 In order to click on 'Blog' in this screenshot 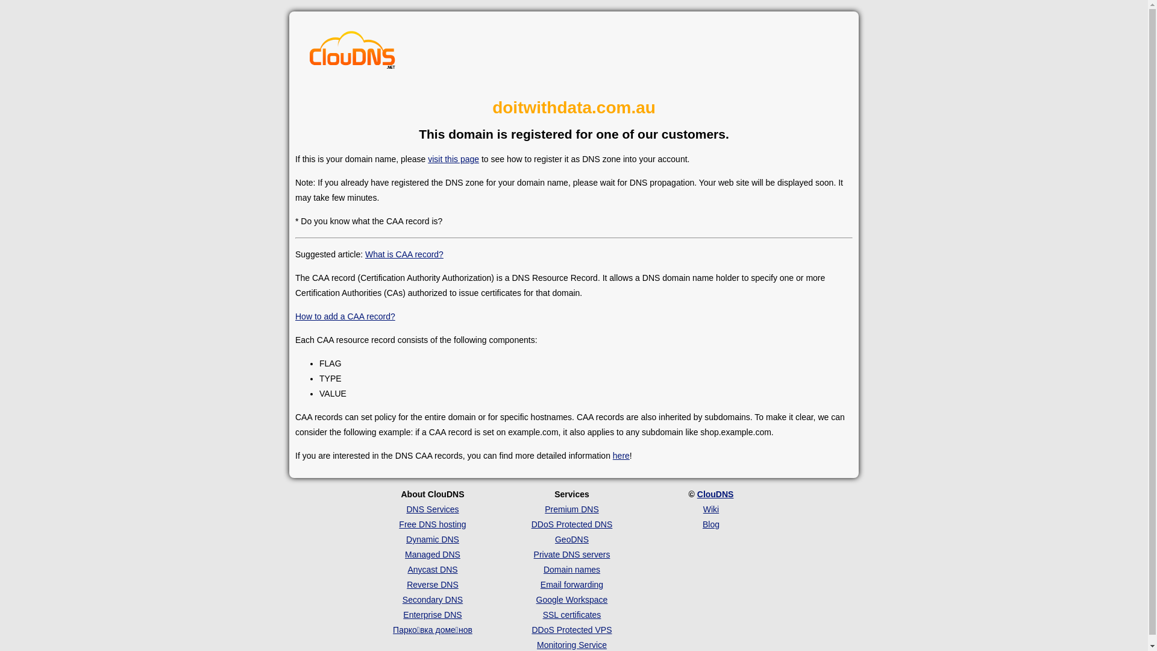, I will do `click(711, 524)`.